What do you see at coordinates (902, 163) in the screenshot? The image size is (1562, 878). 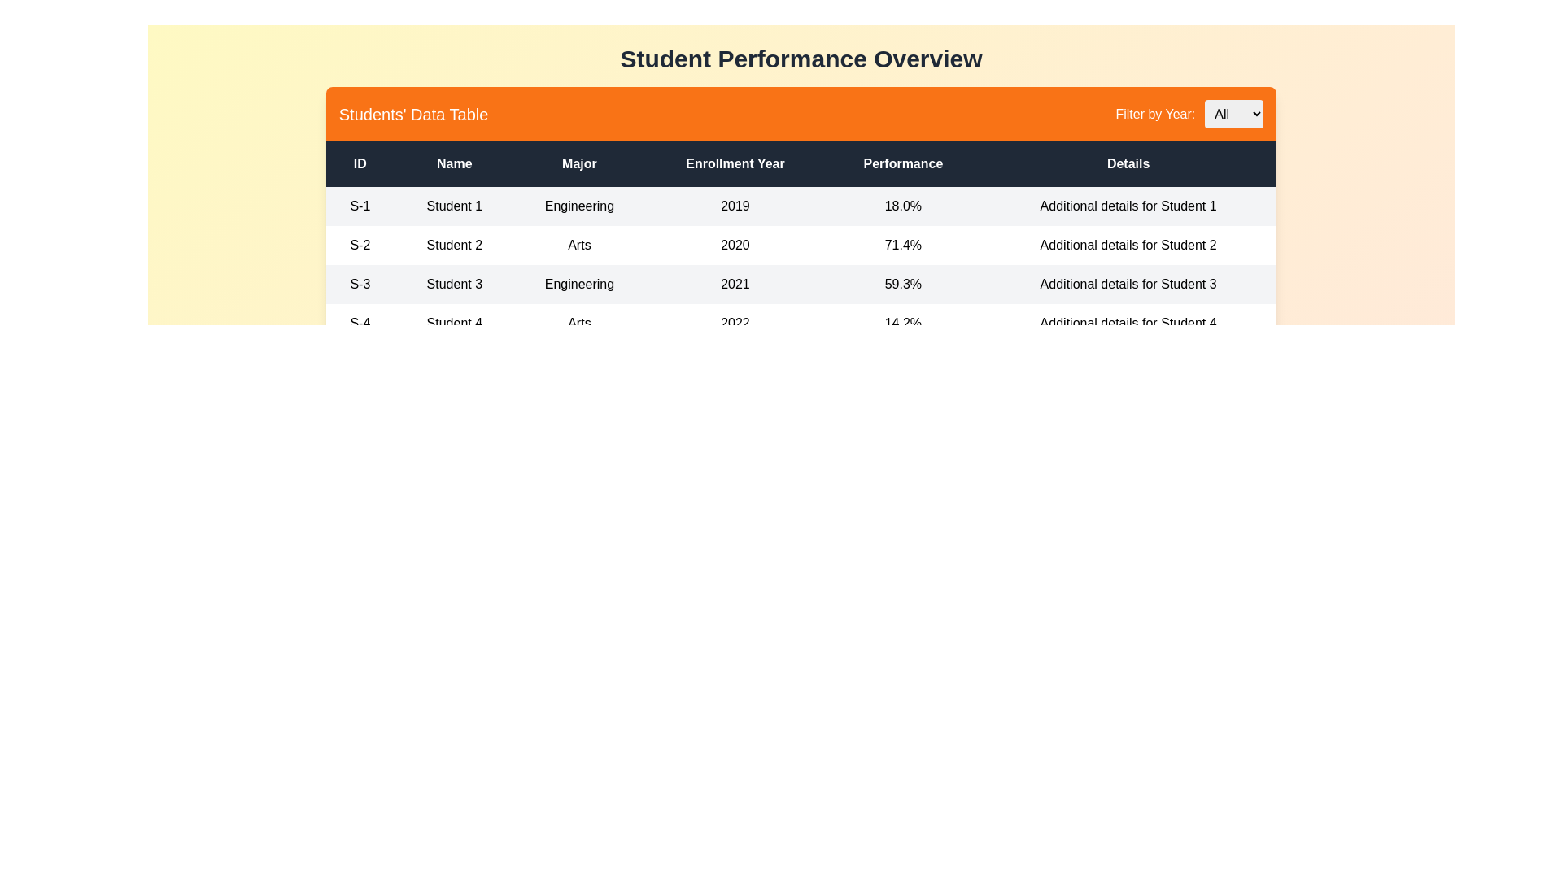 I see `the column header Performance to sort the table by that column` at bounding box center [902, 163].